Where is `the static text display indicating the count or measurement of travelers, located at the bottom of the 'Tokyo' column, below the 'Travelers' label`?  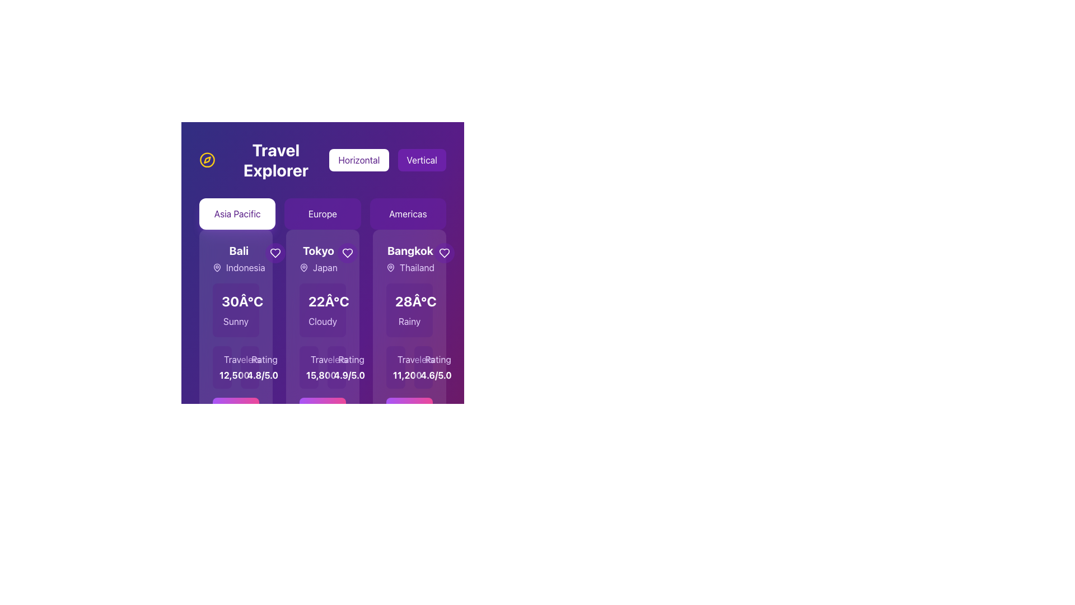
the static text display indicating the count or measurement of travelers, located at the bottom of the 'Tokyo' column, below the 'Travelers' label is located at coordinates (309, 375).